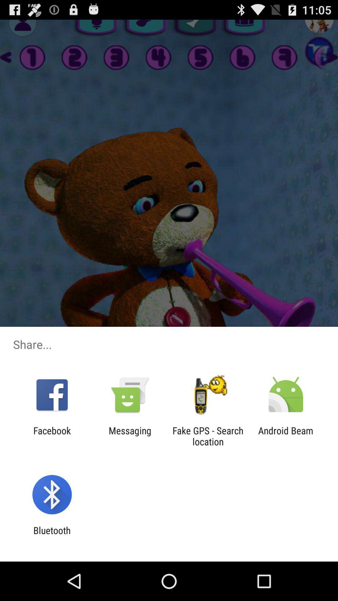  Describe the element at coordinates (130, 436) in the screenshot. I see `messaging icon` at that location.